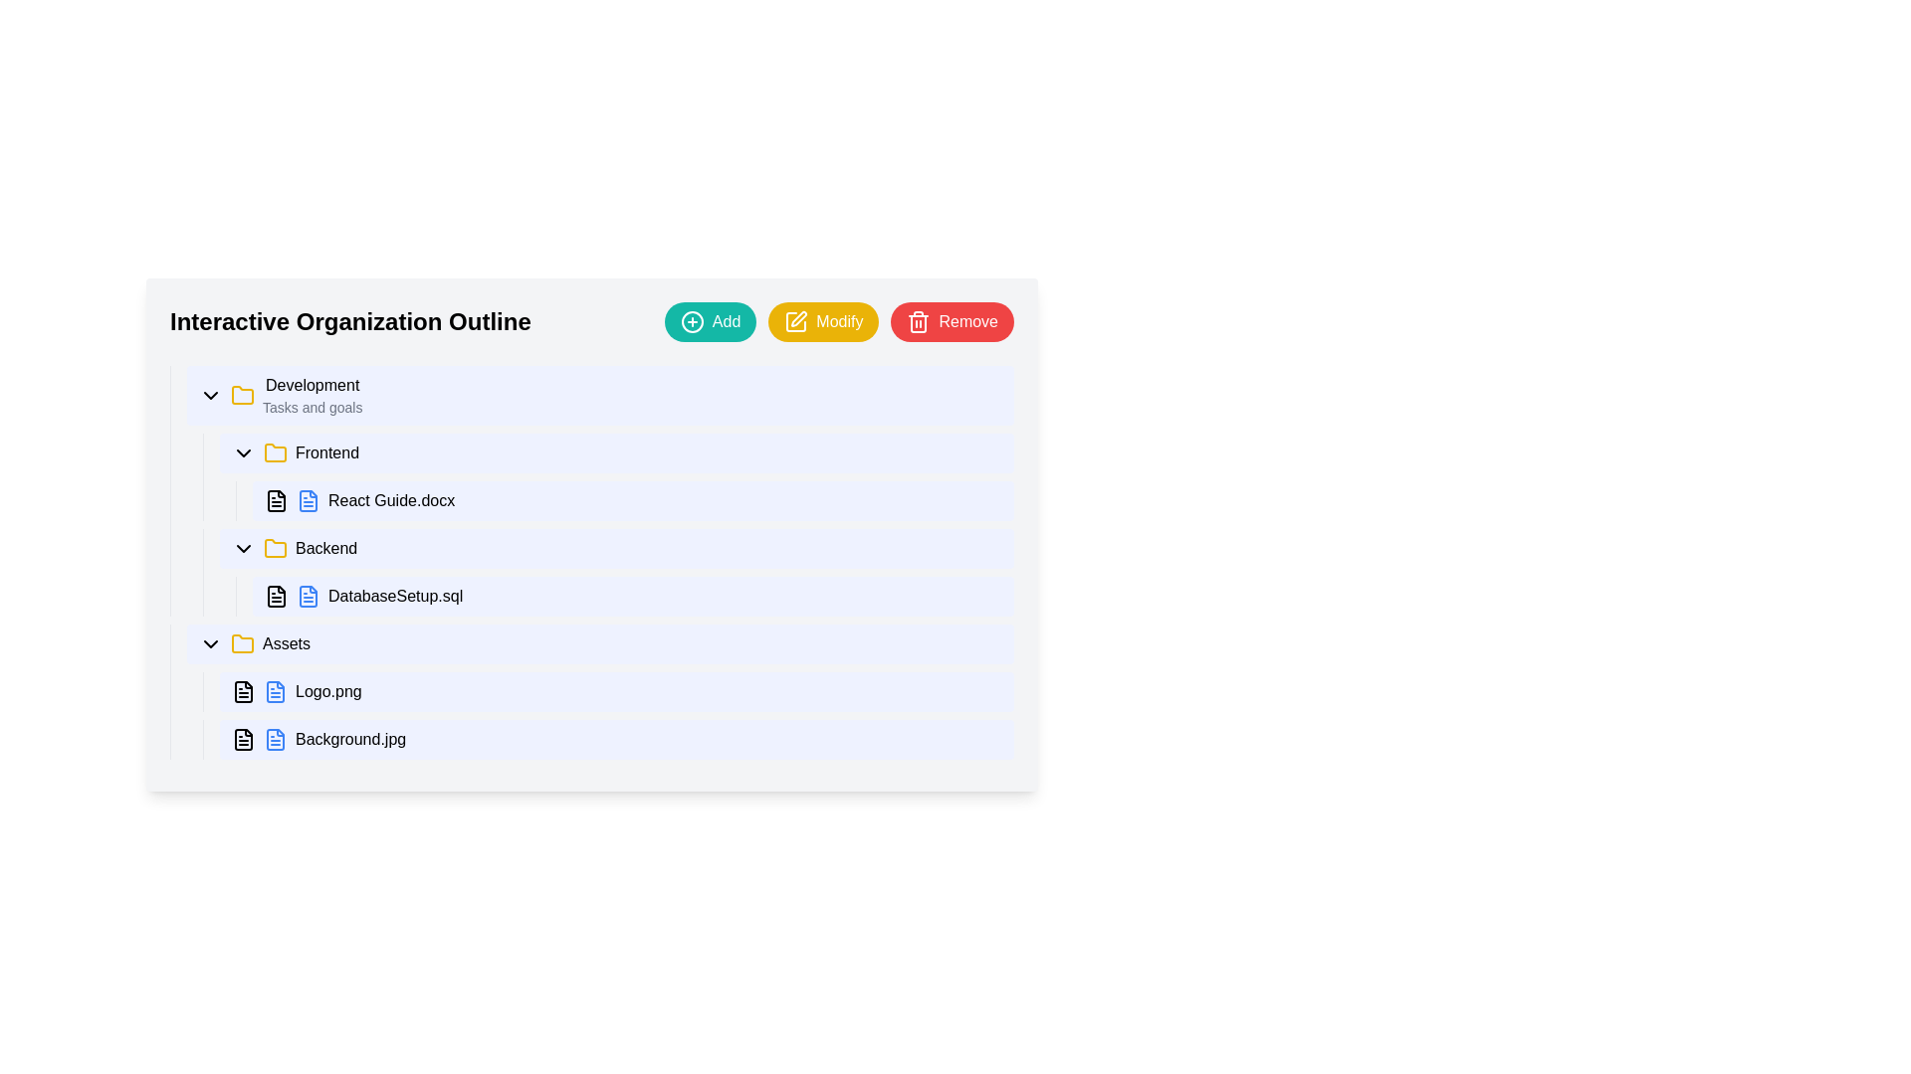  Describe the element at coordinates (711, 321) in the screenshot. I see `the 'Add' button, which is a rounded rectangular button with a teal background and white text, featuring a '+' icon on its left side, located at the top-right section of the interface` at that location.